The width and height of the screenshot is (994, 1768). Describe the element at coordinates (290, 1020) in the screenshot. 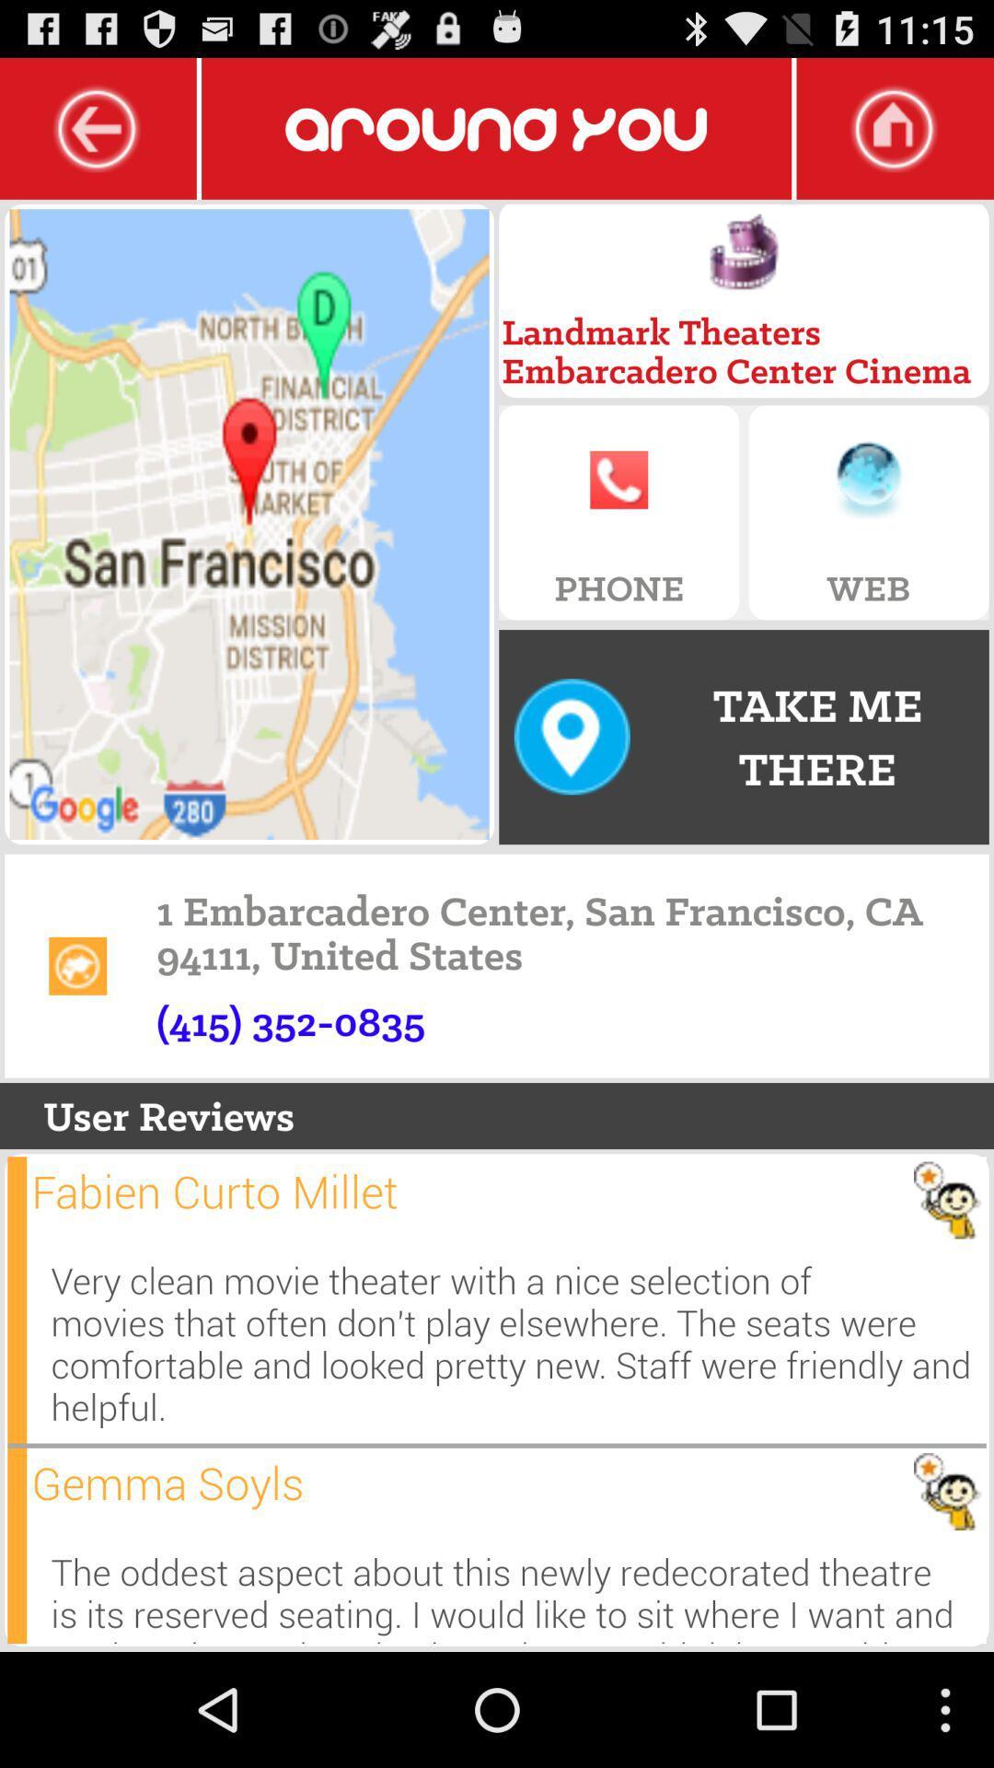

I see `the (415) 352-0835` at that location.